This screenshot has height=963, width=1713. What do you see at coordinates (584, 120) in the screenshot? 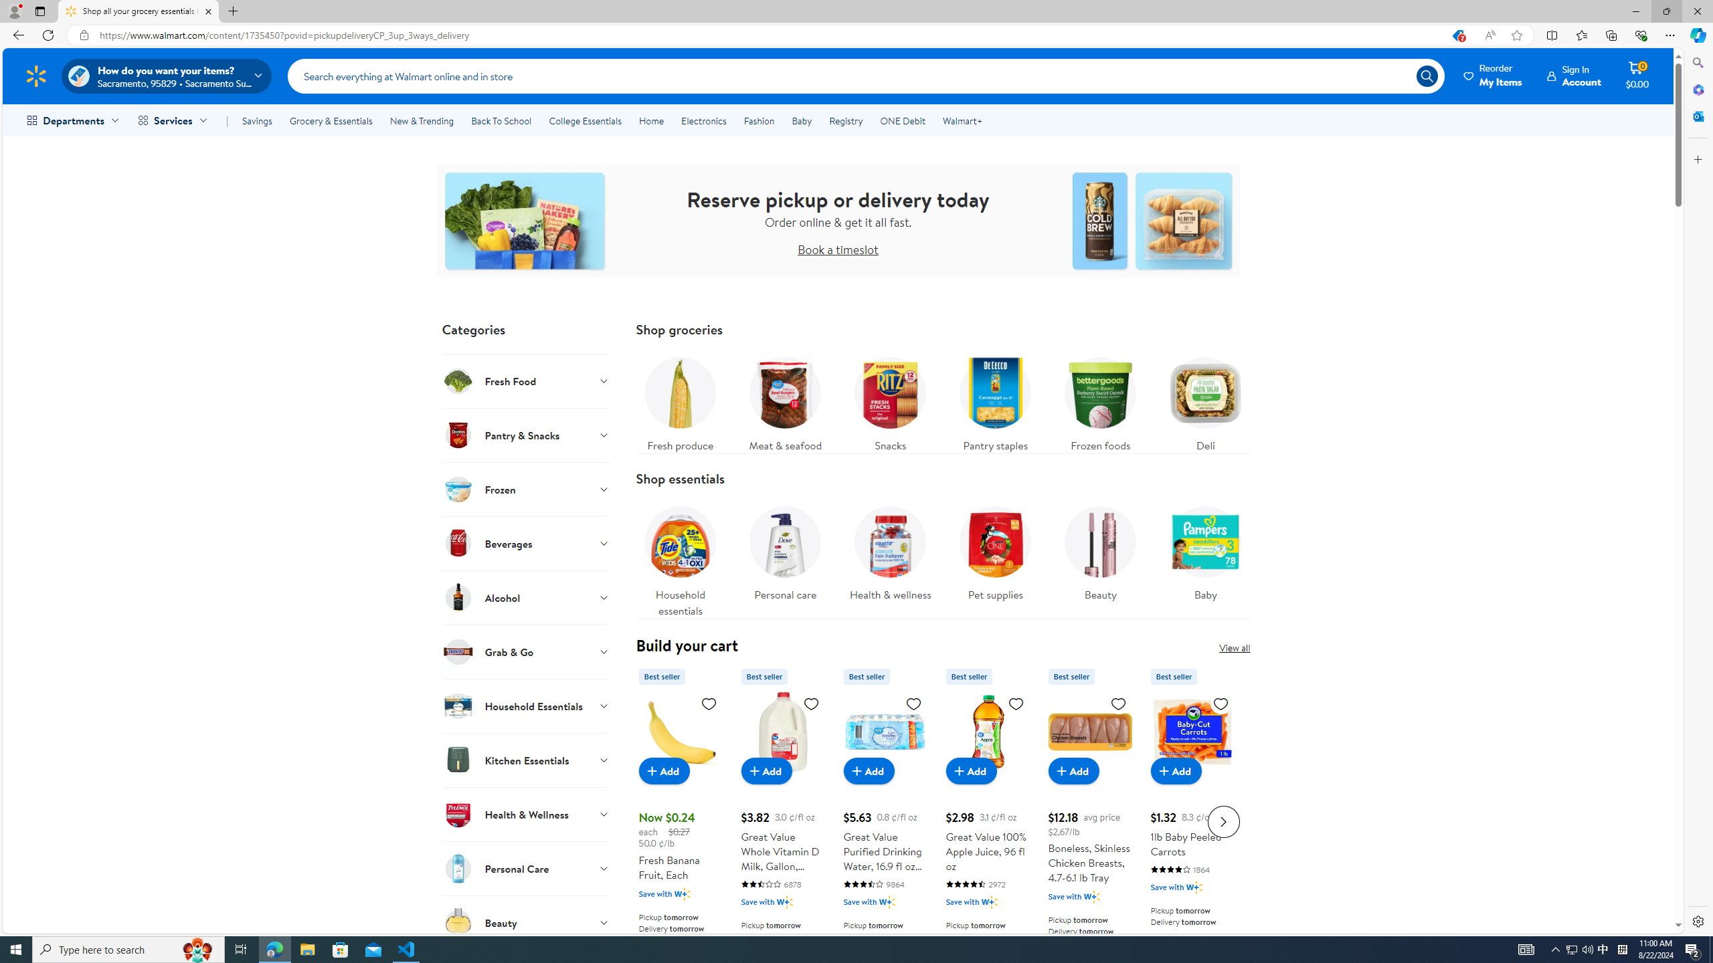
I see `'College Essentials'` at bounding box center [584, 120].